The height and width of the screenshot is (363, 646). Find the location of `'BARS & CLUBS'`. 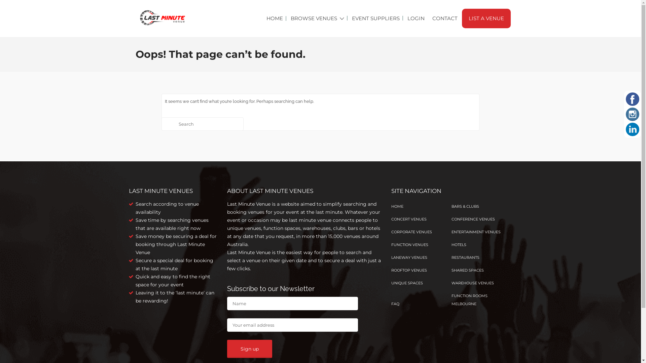

'BARS & CLUBS' is located at coordinates (465, 206).